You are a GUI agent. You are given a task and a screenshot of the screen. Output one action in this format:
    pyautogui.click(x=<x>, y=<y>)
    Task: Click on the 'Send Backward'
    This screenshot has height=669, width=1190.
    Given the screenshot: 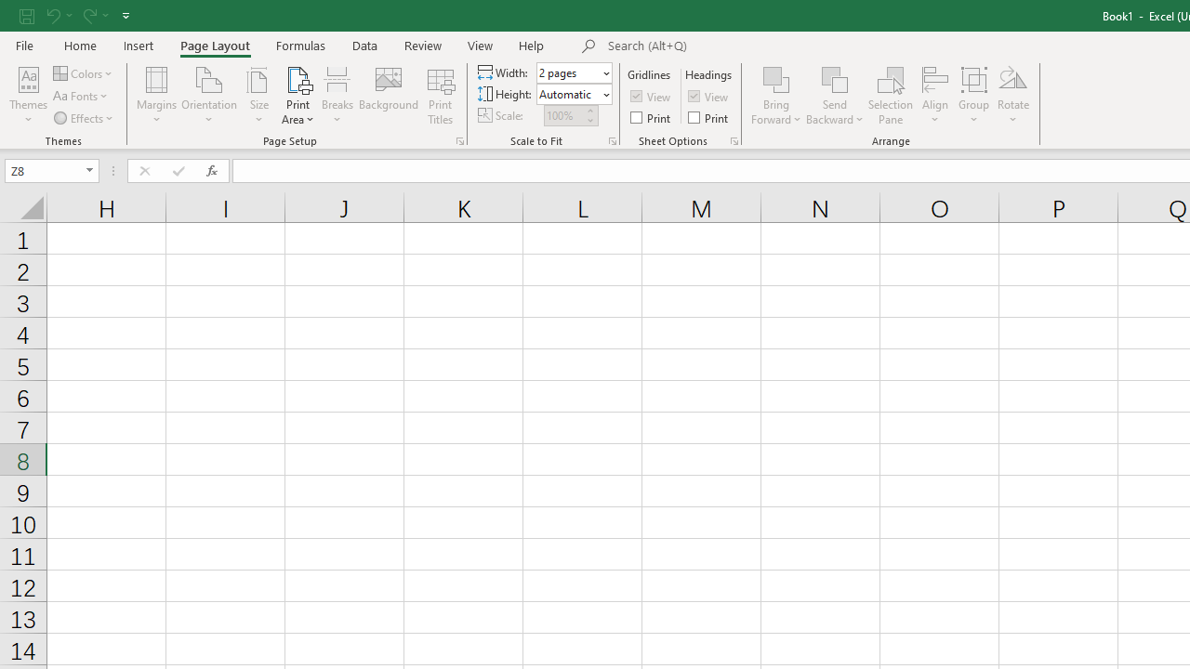 What is the action you would take?
    pyautogui.click(x=834, y=78)
    